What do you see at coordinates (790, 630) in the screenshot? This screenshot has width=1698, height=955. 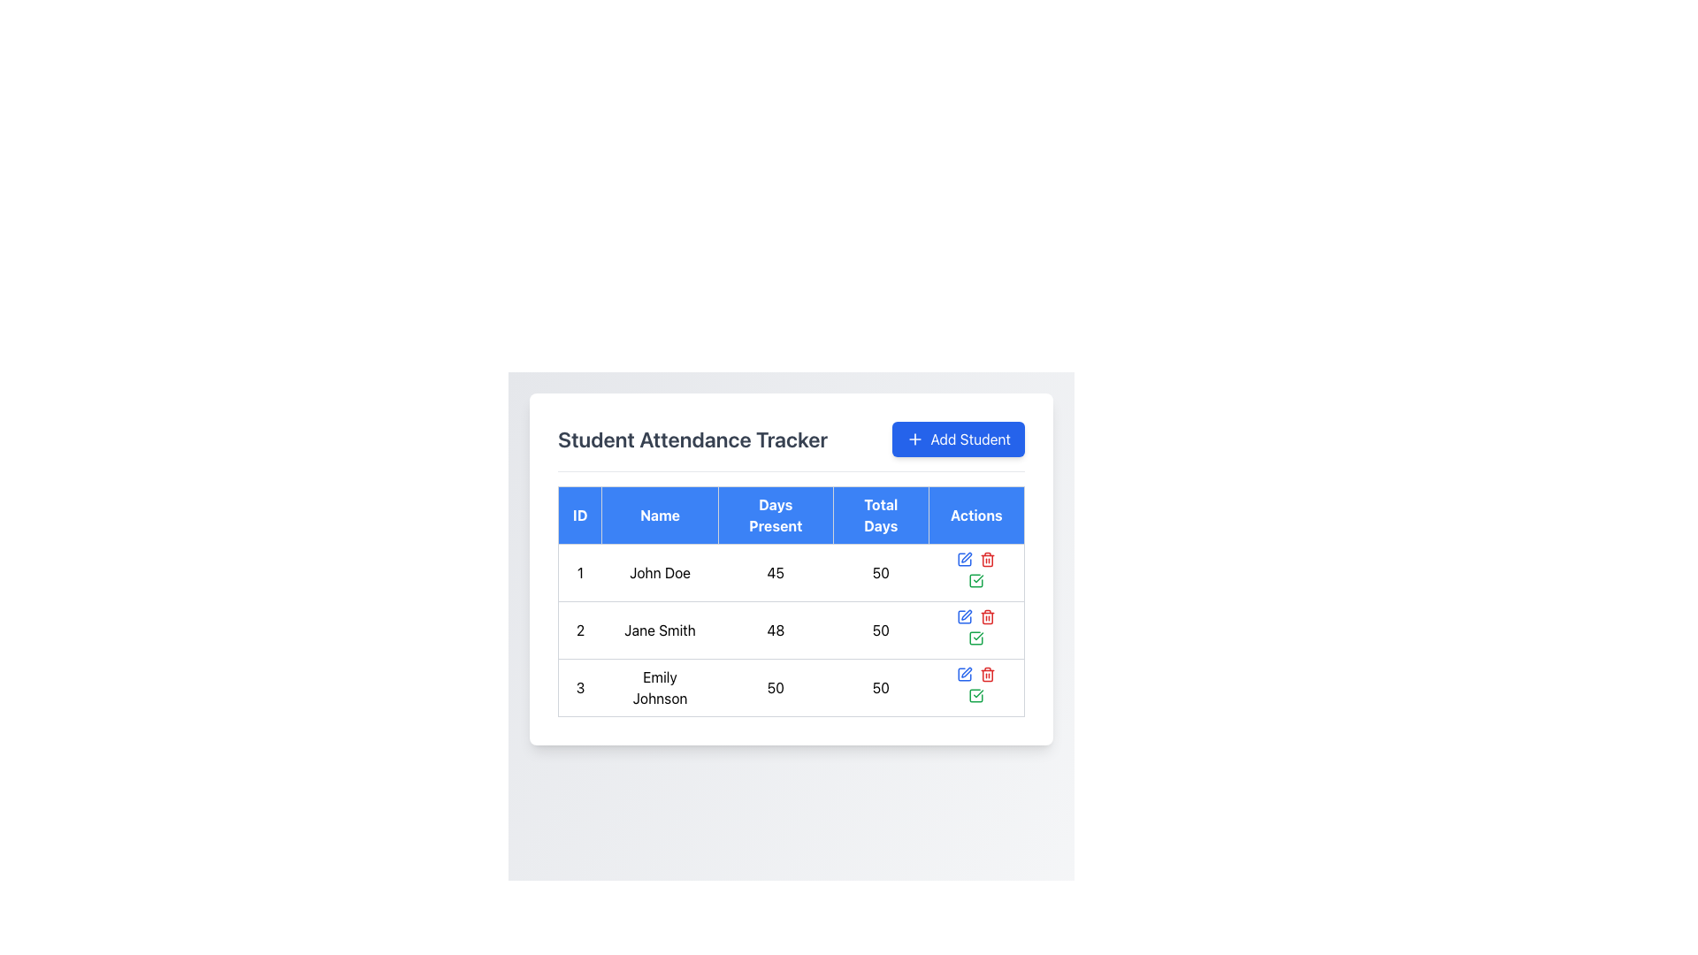 I see `the second row of the student attendance tracking table, which contains details about a student's ID, name, and attendance metrics` at bounding box center [790, 630].